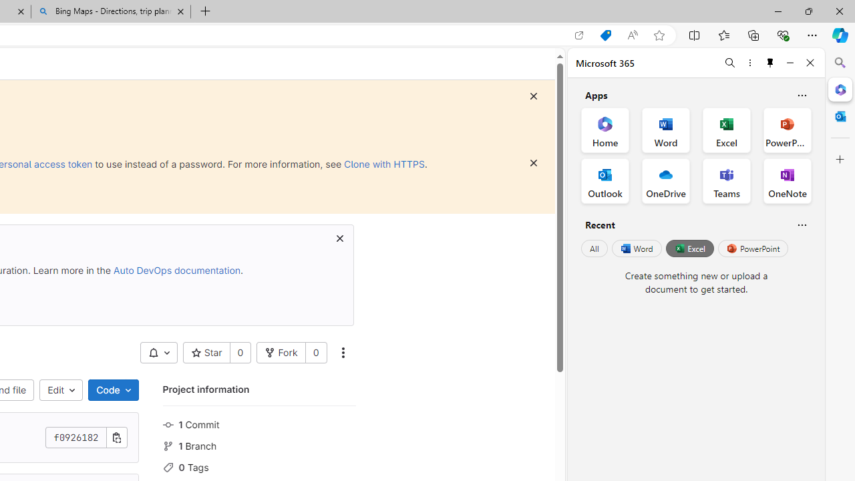 Image resolution: width=855 pixels, height=481 pixels. I want to click on ' Star', so click(206, 352).